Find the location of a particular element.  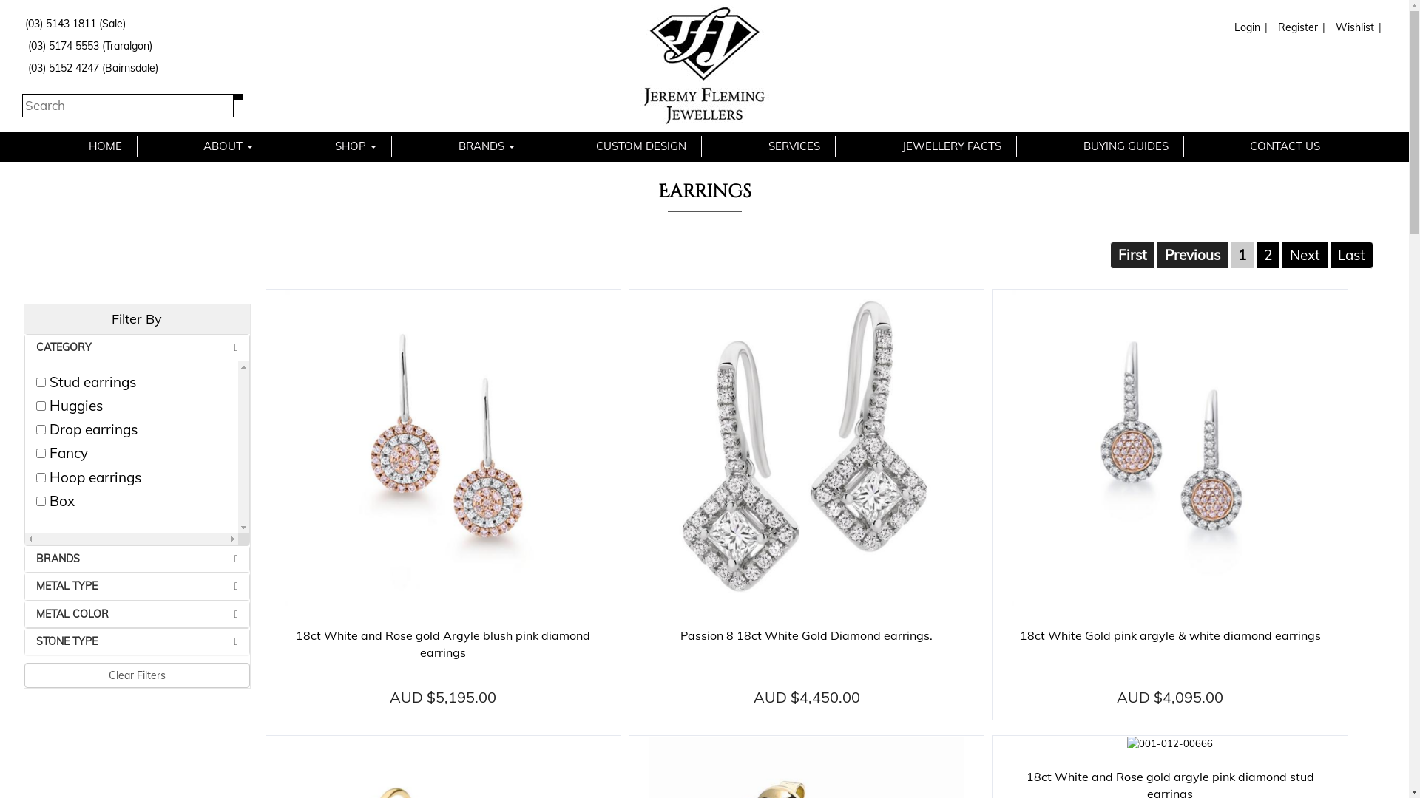

'Box' is located at coordinates (41, 500).